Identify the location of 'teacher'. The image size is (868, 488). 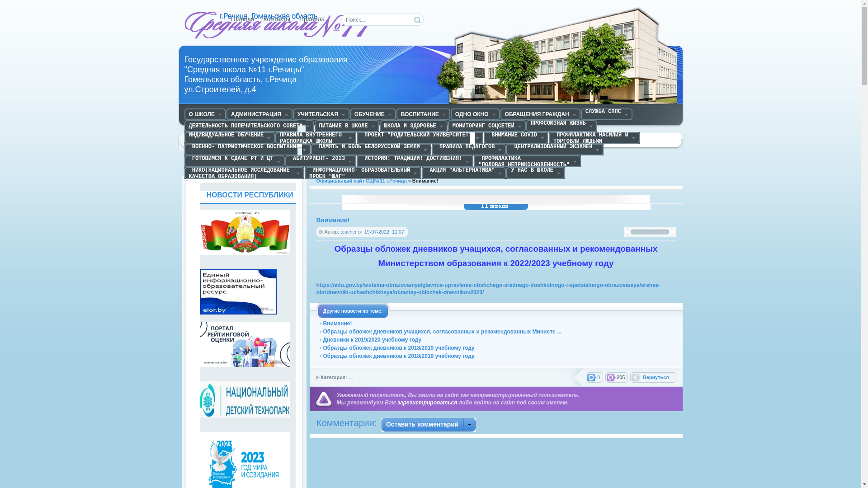
(348, 231).